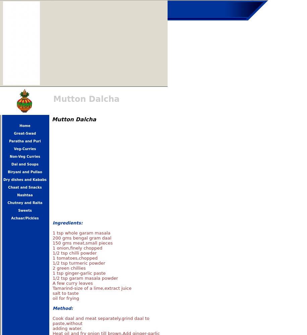 The width and height of the screenshot is (307, 335). What do you see at coordinates (8, 187) in the screenshot?
I see `'Chaat and Snacks'` at bounding box center [8, 187].